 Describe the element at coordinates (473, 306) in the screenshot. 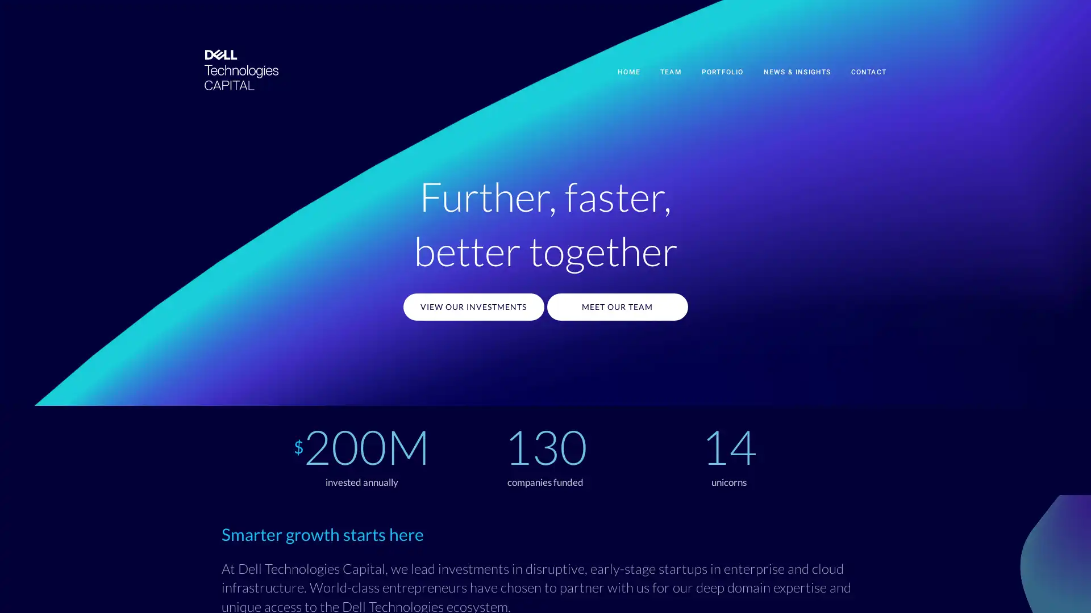

I see `VIEW OUR INVESTMENTS` at that location.